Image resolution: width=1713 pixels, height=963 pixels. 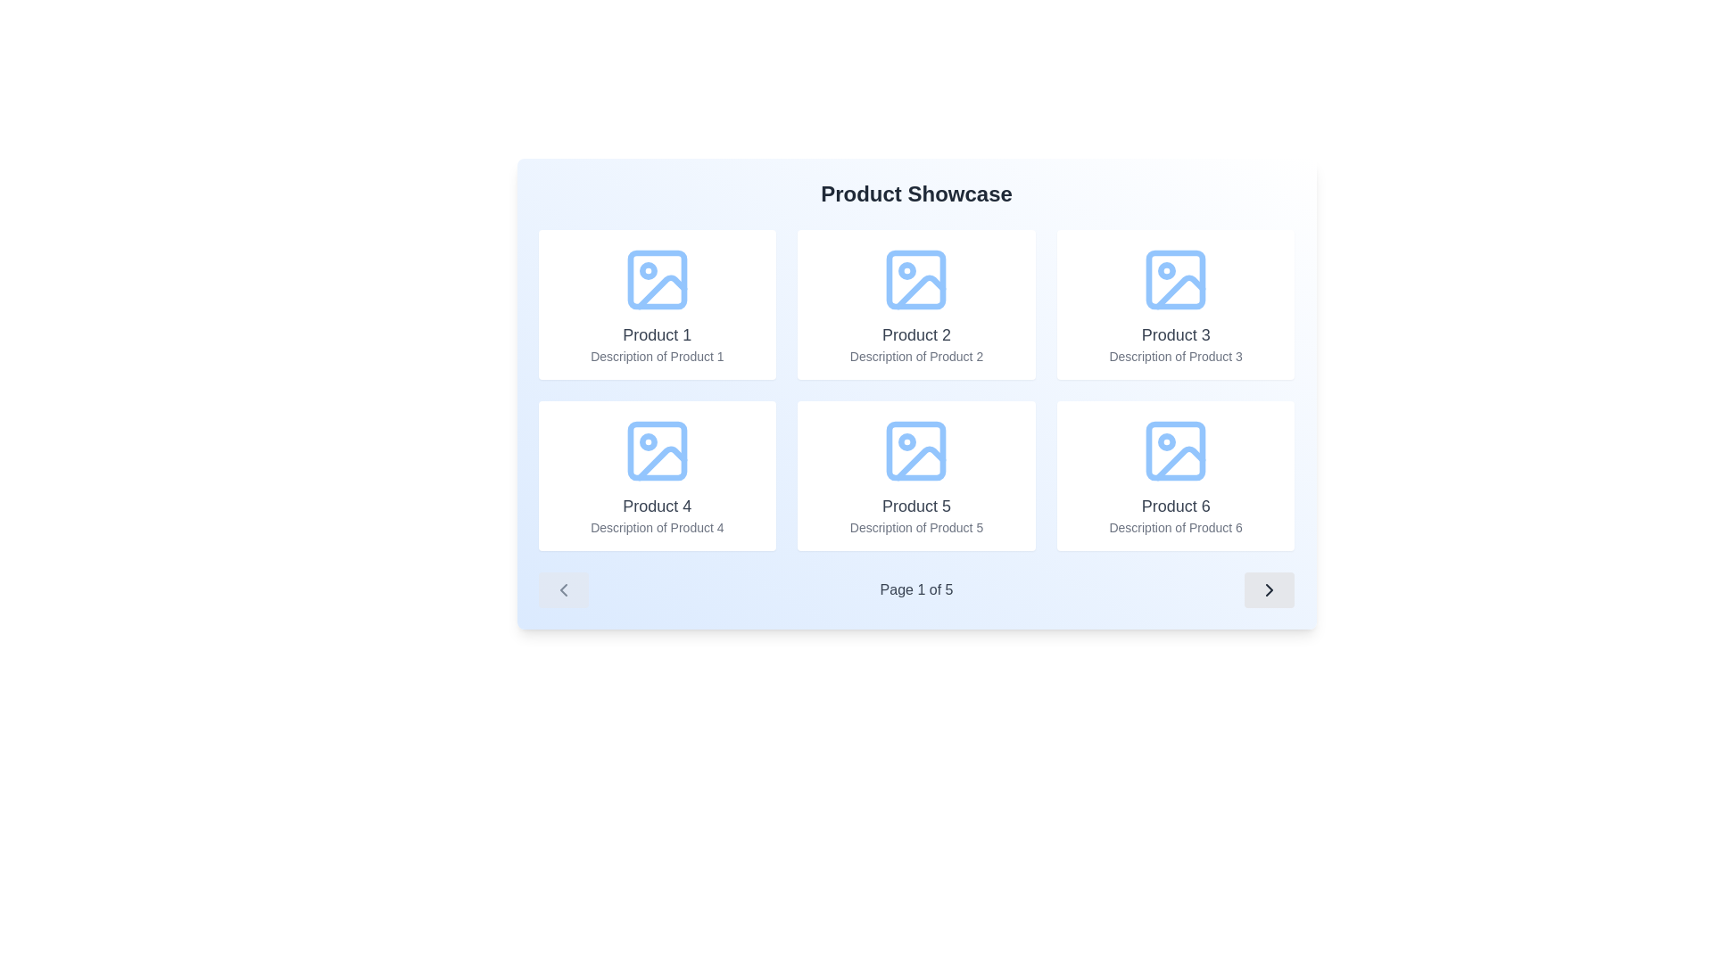 What do you see at coordinates (1269, 590) in the screenshot?
I see `the Chevron Arrow icon located at the bottom right corner of the interface` at bounding box center [1269, 590].